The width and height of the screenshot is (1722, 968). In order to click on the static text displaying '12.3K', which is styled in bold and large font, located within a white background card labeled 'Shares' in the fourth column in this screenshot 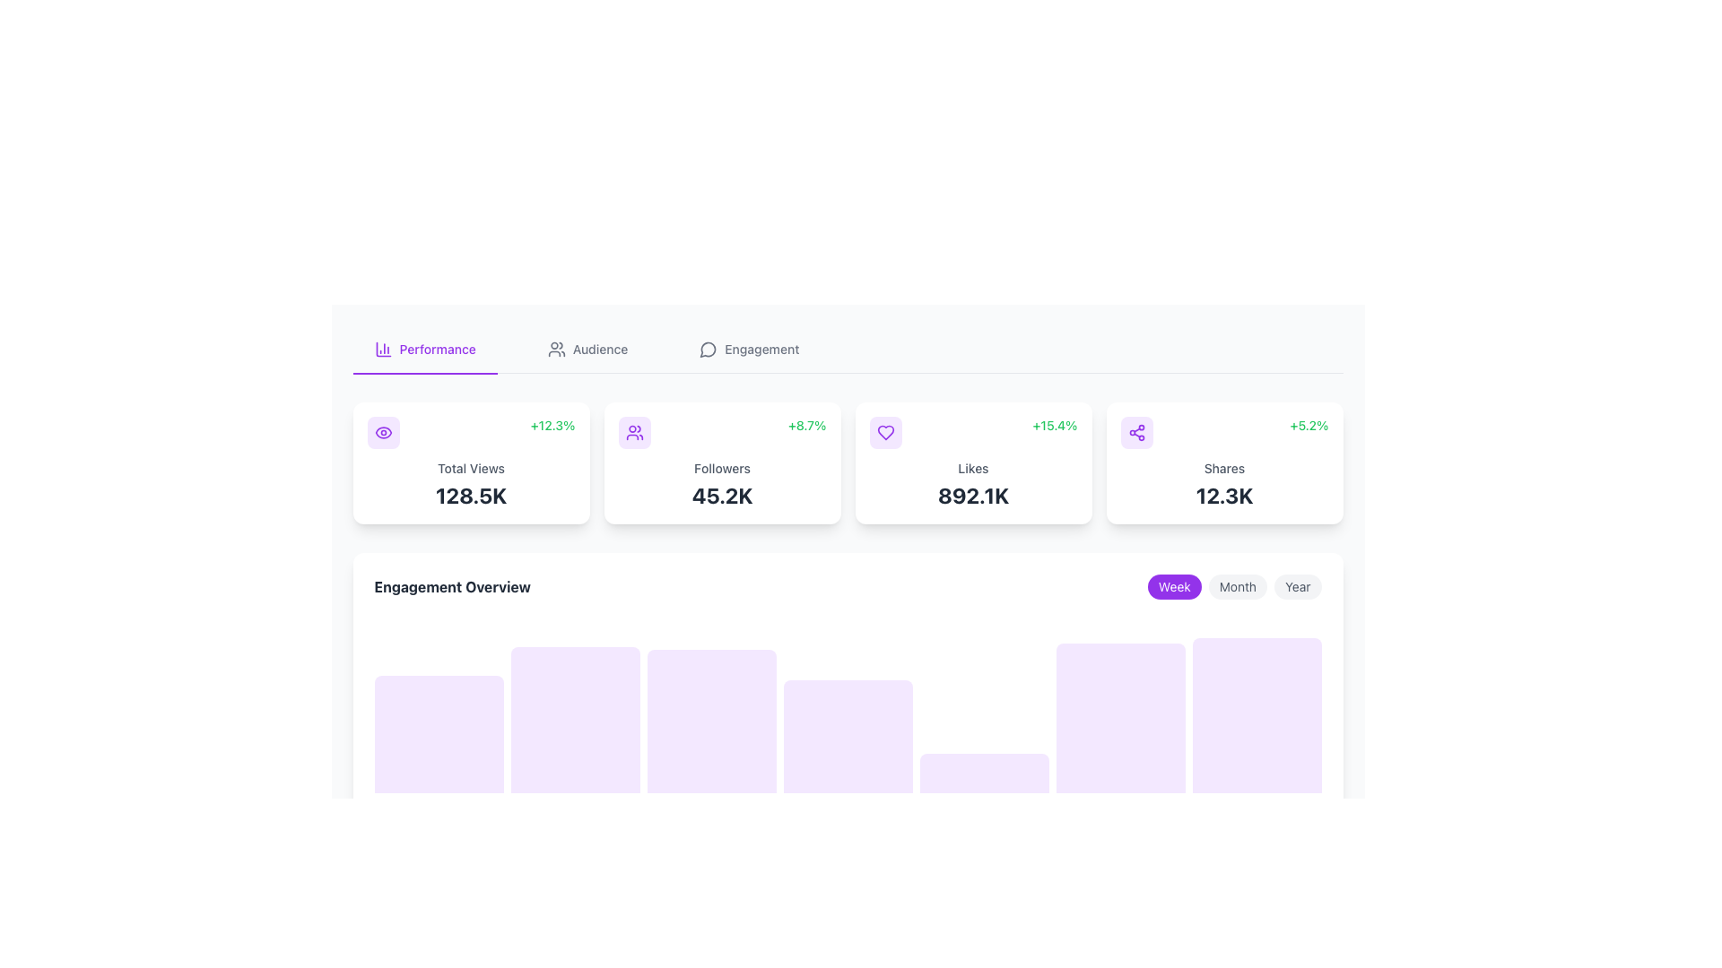, I will do `click(1223, 495)`.